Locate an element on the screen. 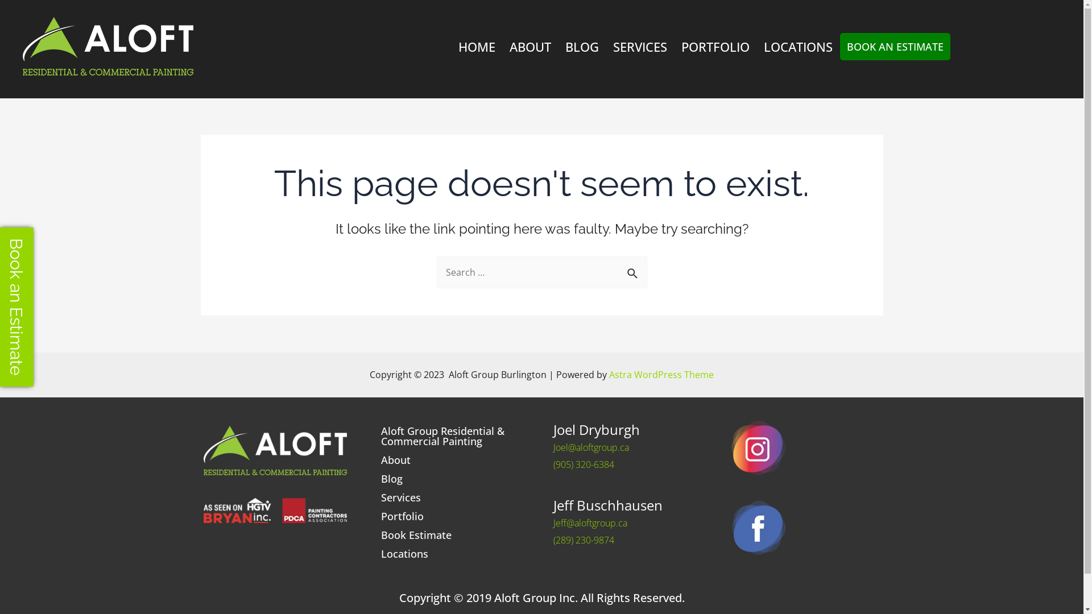  '(289) 230-9874' is located at coordinates (583, 539).